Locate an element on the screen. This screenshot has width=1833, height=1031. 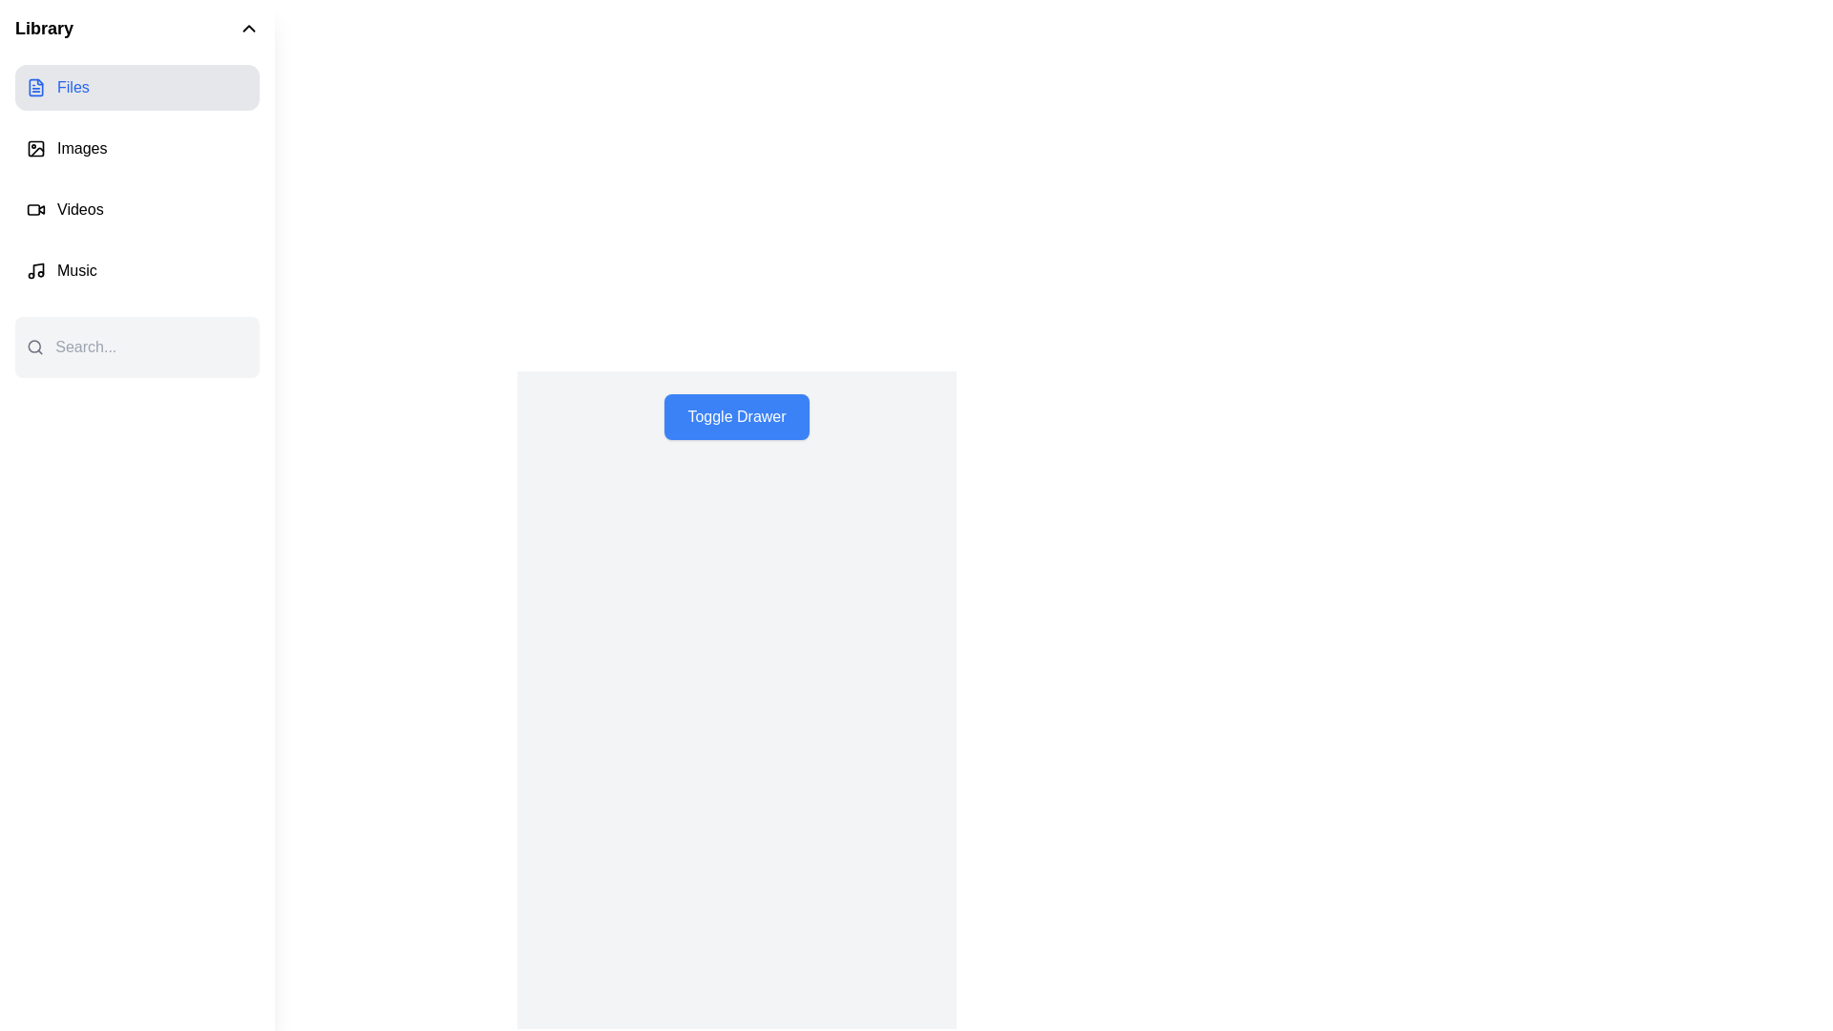
the third item in the vertical sidebar menu, which is a navigation link related to videos is located at coordinates (137, 209).